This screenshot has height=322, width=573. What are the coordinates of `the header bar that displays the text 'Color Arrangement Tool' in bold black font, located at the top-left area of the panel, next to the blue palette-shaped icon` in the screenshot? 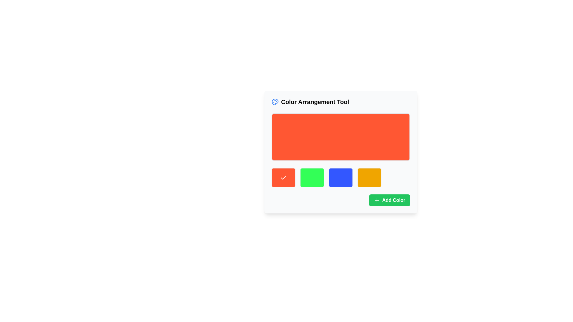 It's located at (341, 102).